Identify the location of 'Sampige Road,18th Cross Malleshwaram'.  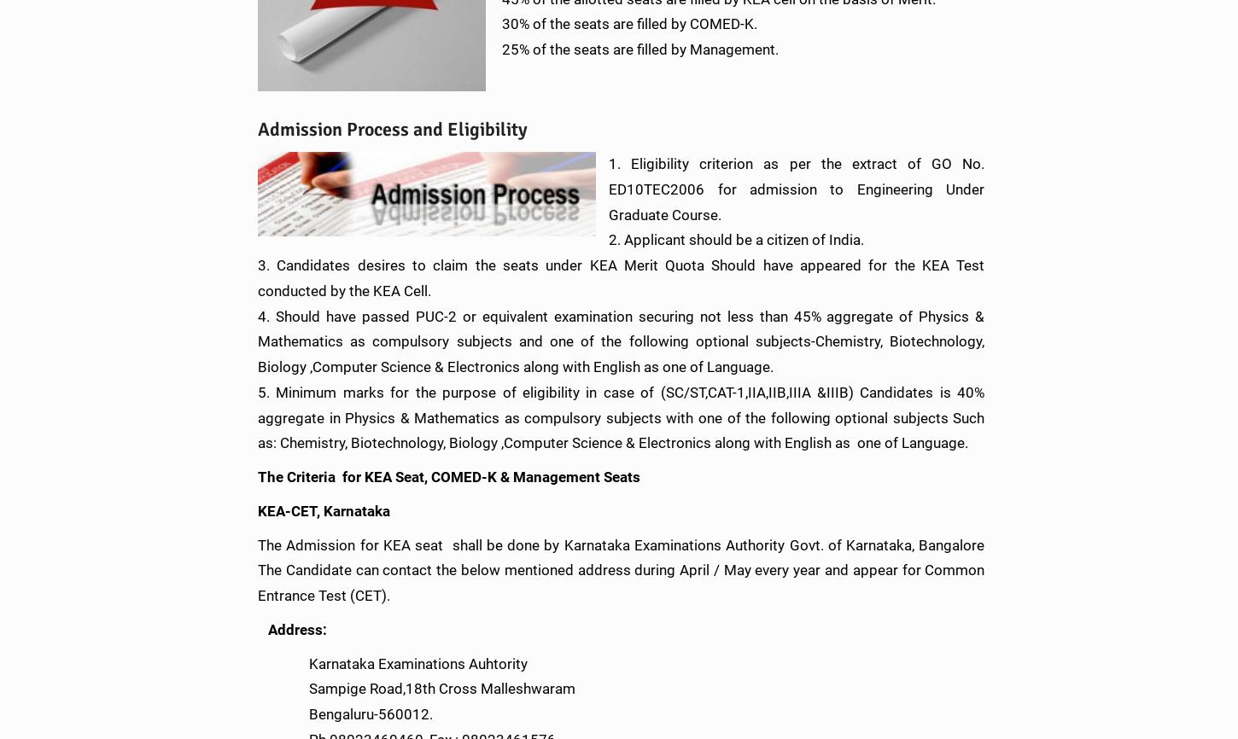
(258, 688).